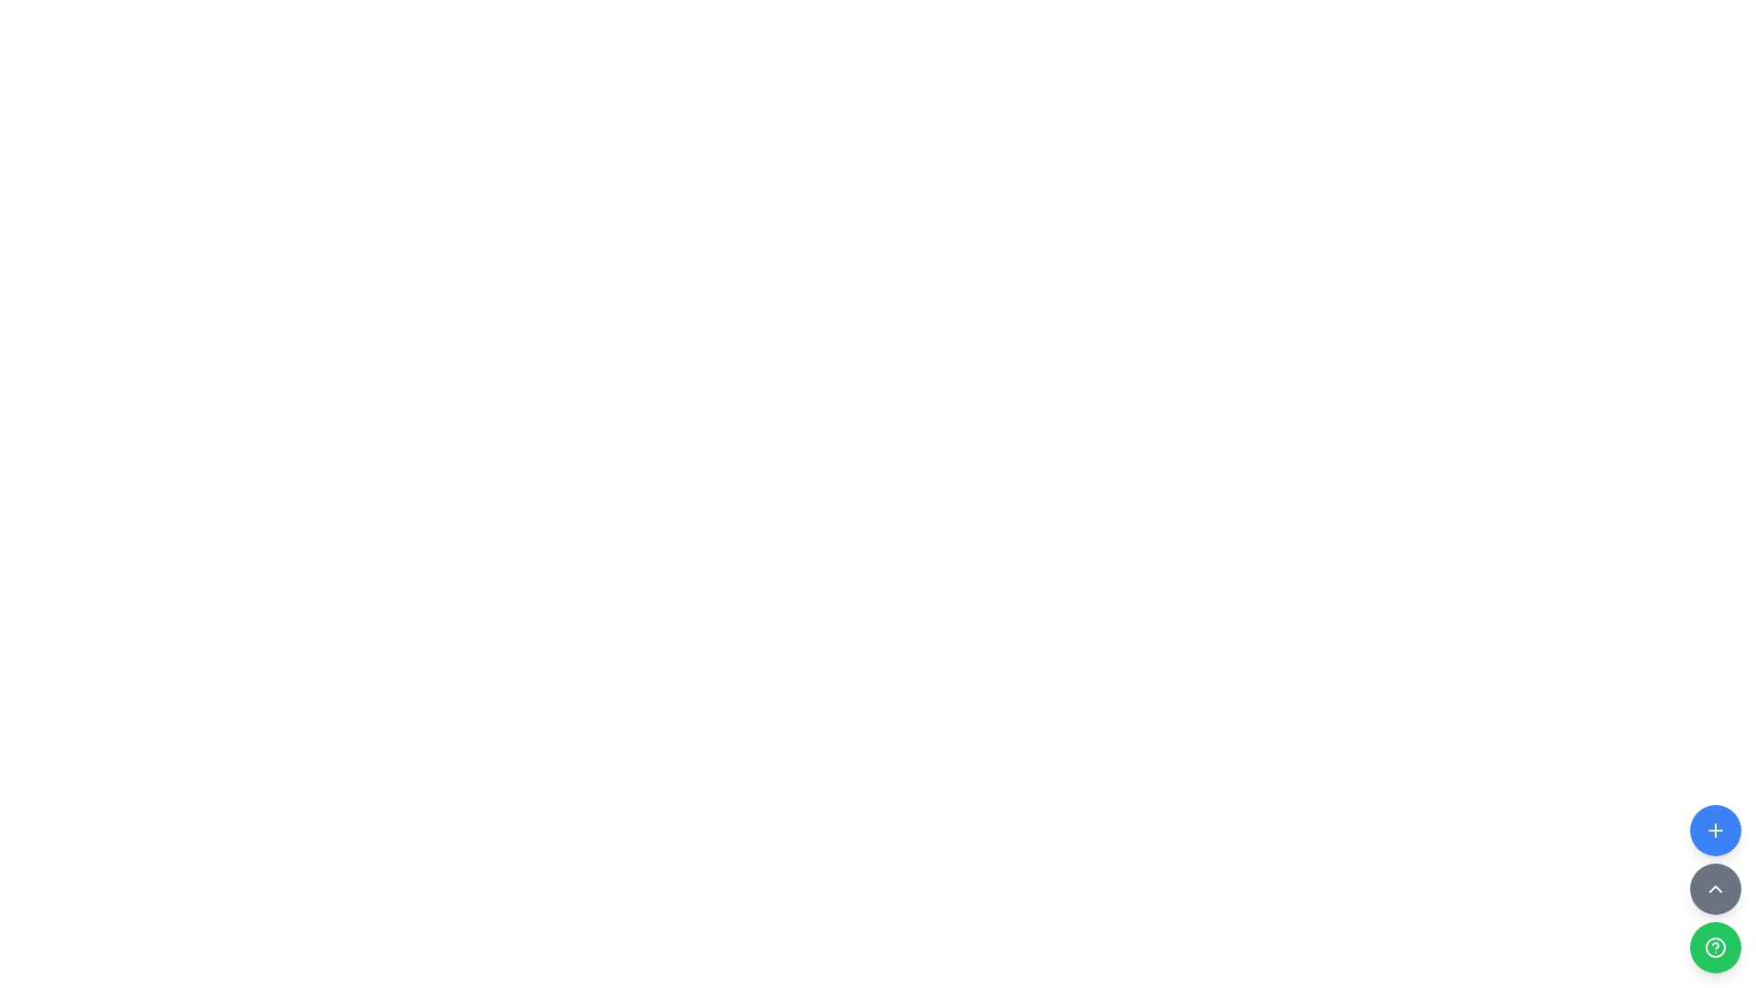  Describe the element at coordinates (1715, 947) in the screenshot. I see `the circular SVG shape located in the bottom-right corner control group, which has a green background and a white circular design` at that location.